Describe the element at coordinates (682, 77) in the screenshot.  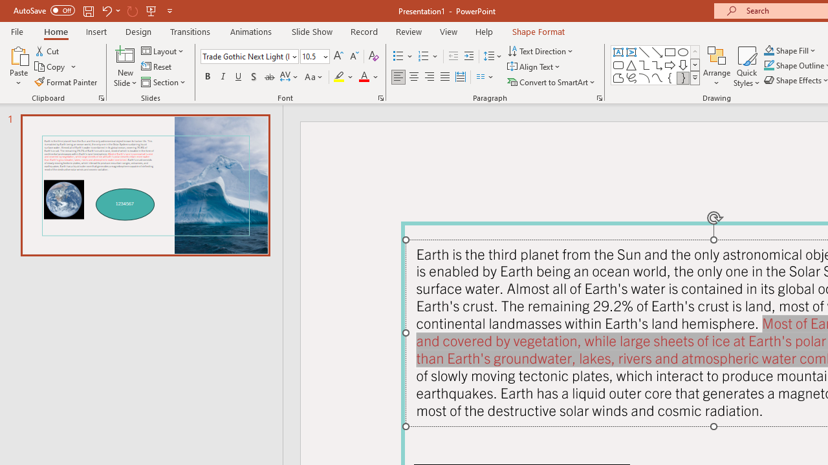
I see `'Right Brace'` at that location.